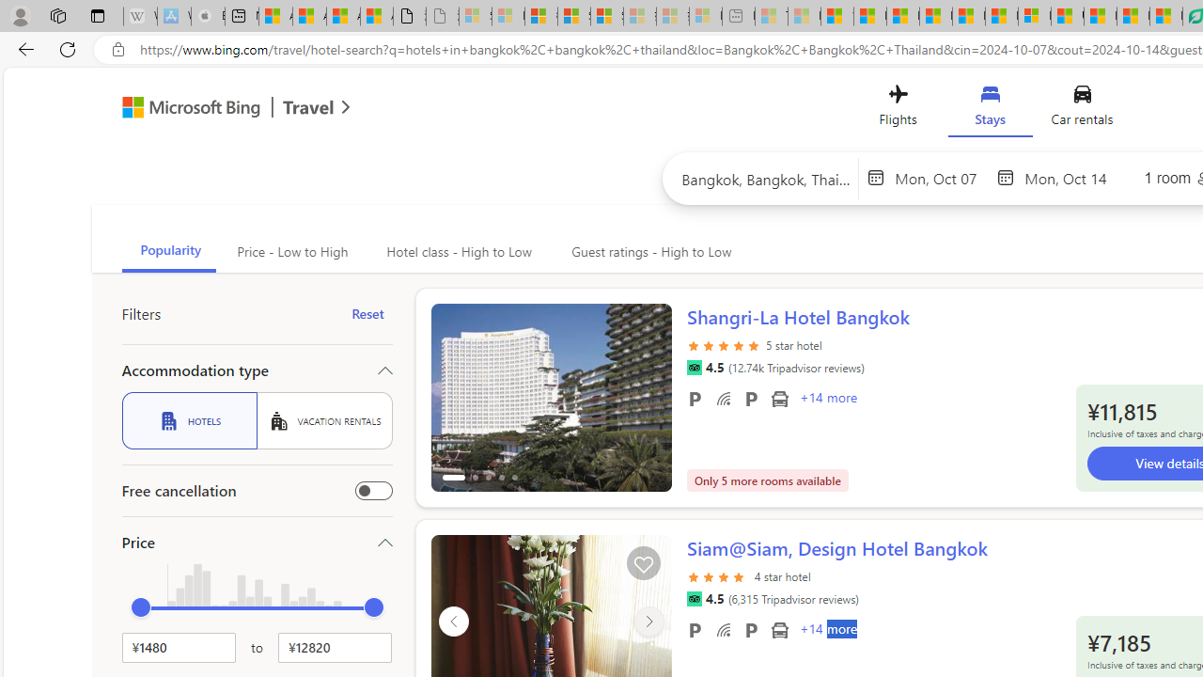 The width and height of the screenshot is (1203, 677). I want to click on 'US Heat Deaths Soared To Record High Last Year', so click(1068, 16).